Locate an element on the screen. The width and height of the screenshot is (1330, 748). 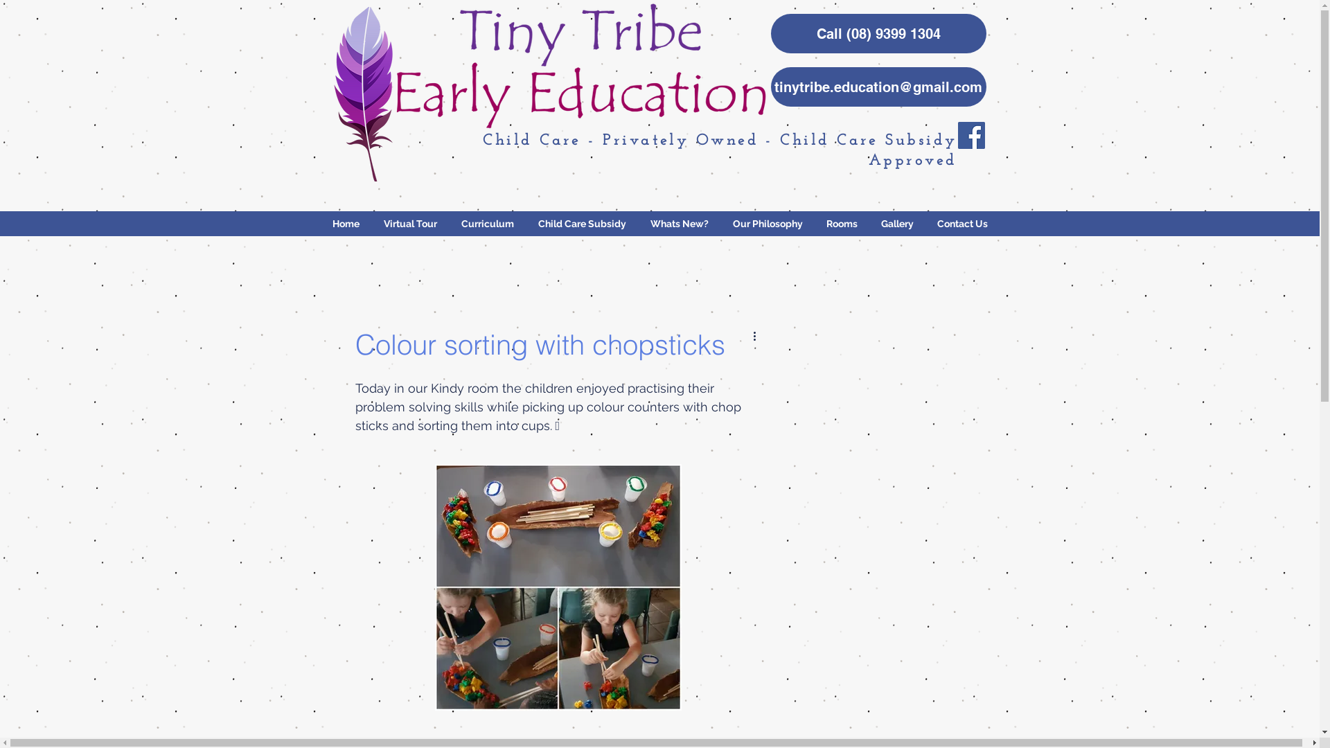
'Our Philosophy' is located at coordinates (766, 223).